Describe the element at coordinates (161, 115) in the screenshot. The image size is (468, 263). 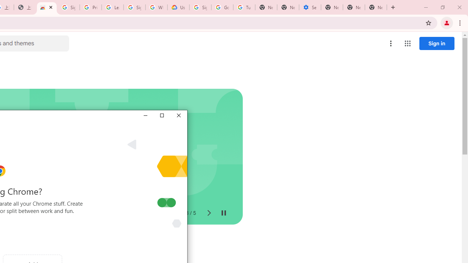
I see `'Maximize'` at that location.